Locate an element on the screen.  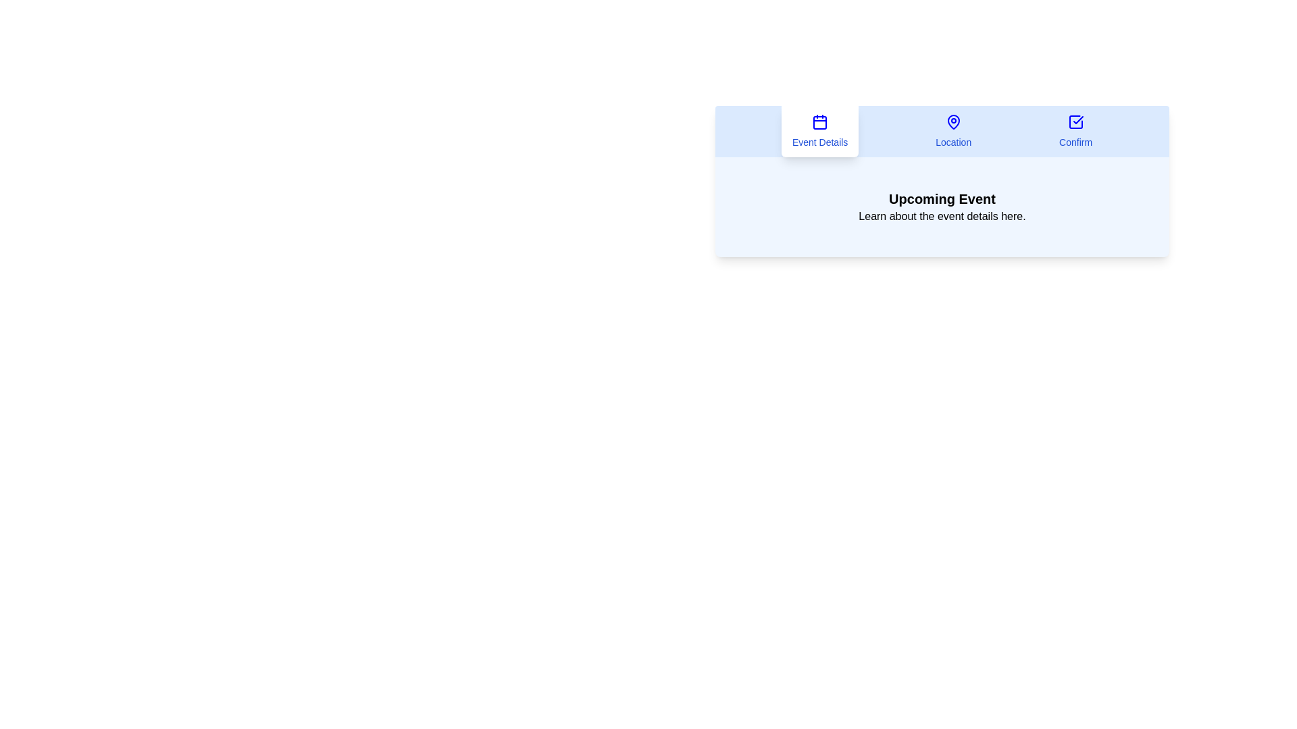
the tab labeled Location to observe the visual feedback is located at coordinates (952, 132).